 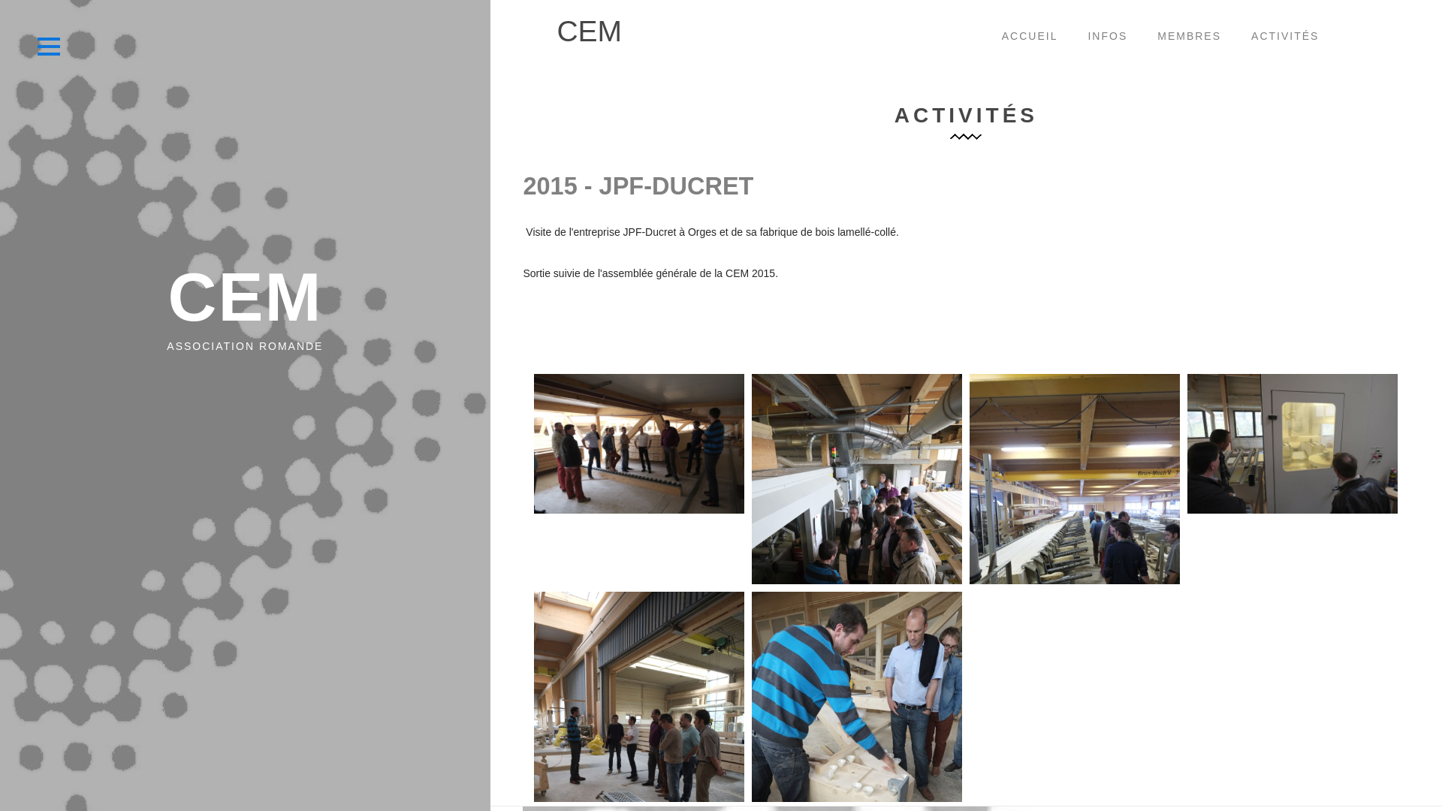 What do you see at coordinates (987, 37) in the screenshot?
I see `'ACCUEIL'` at bounding box center [987, 37].